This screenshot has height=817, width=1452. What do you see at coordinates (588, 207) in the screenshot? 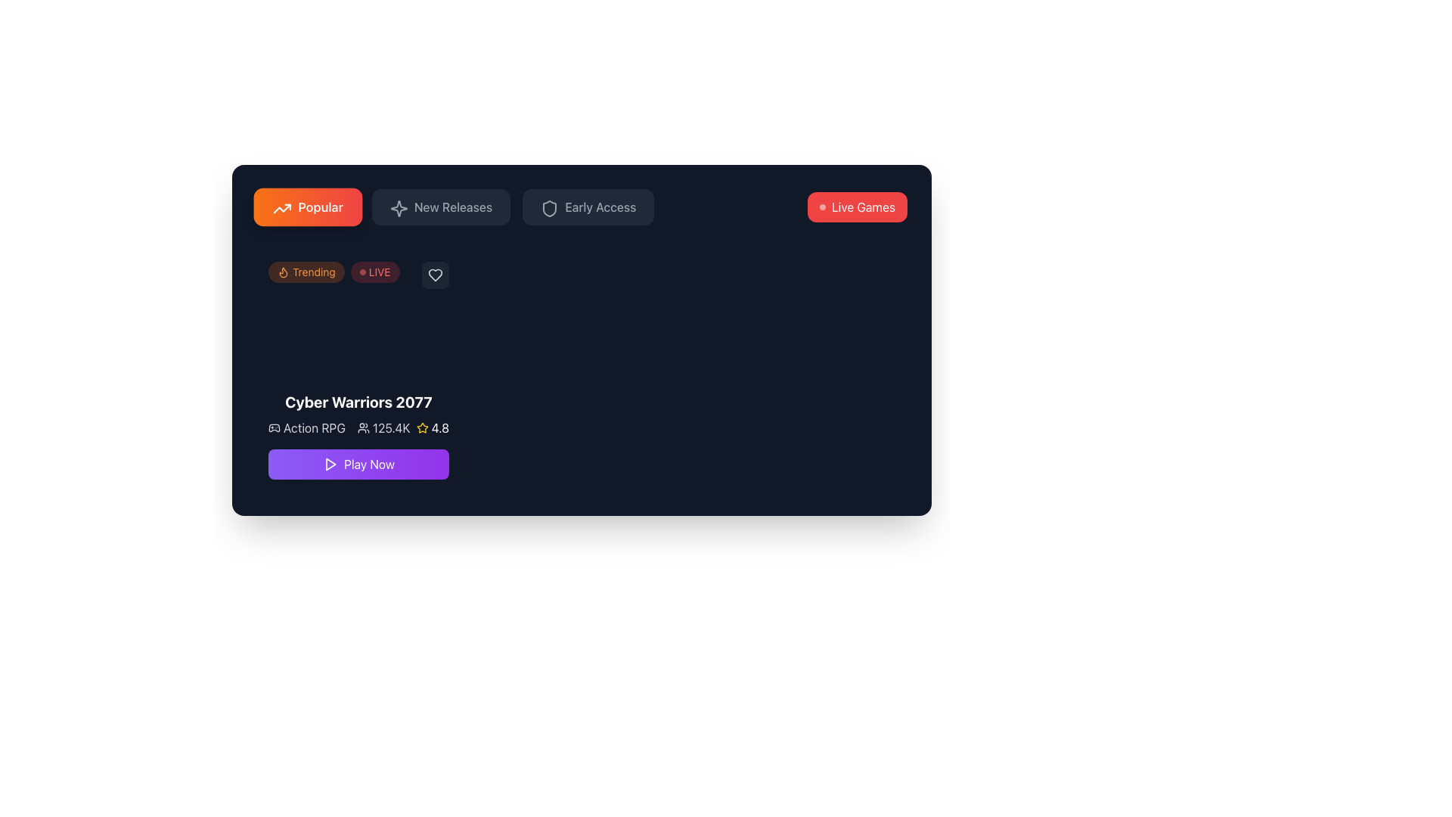
I see `the 'Early Access' button with rounded corners that has a dark gray background and light gray text, located in the top section of the page` at bounding box center [588, 207].